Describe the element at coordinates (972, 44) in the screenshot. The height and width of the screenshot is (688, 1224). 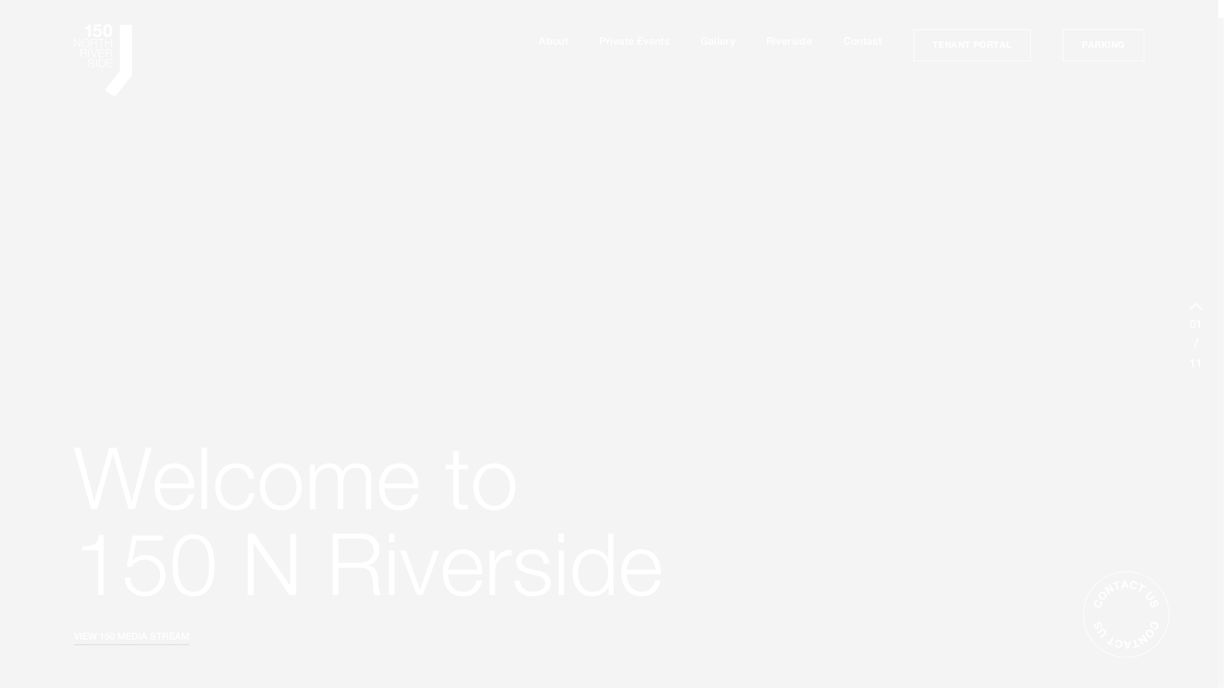
I see `'TENANT PORTAL'` at that location.